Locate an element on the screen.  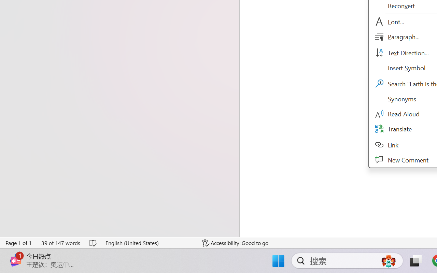
'Page Number Page 1 of 1' is located at coordinates (19, 243).